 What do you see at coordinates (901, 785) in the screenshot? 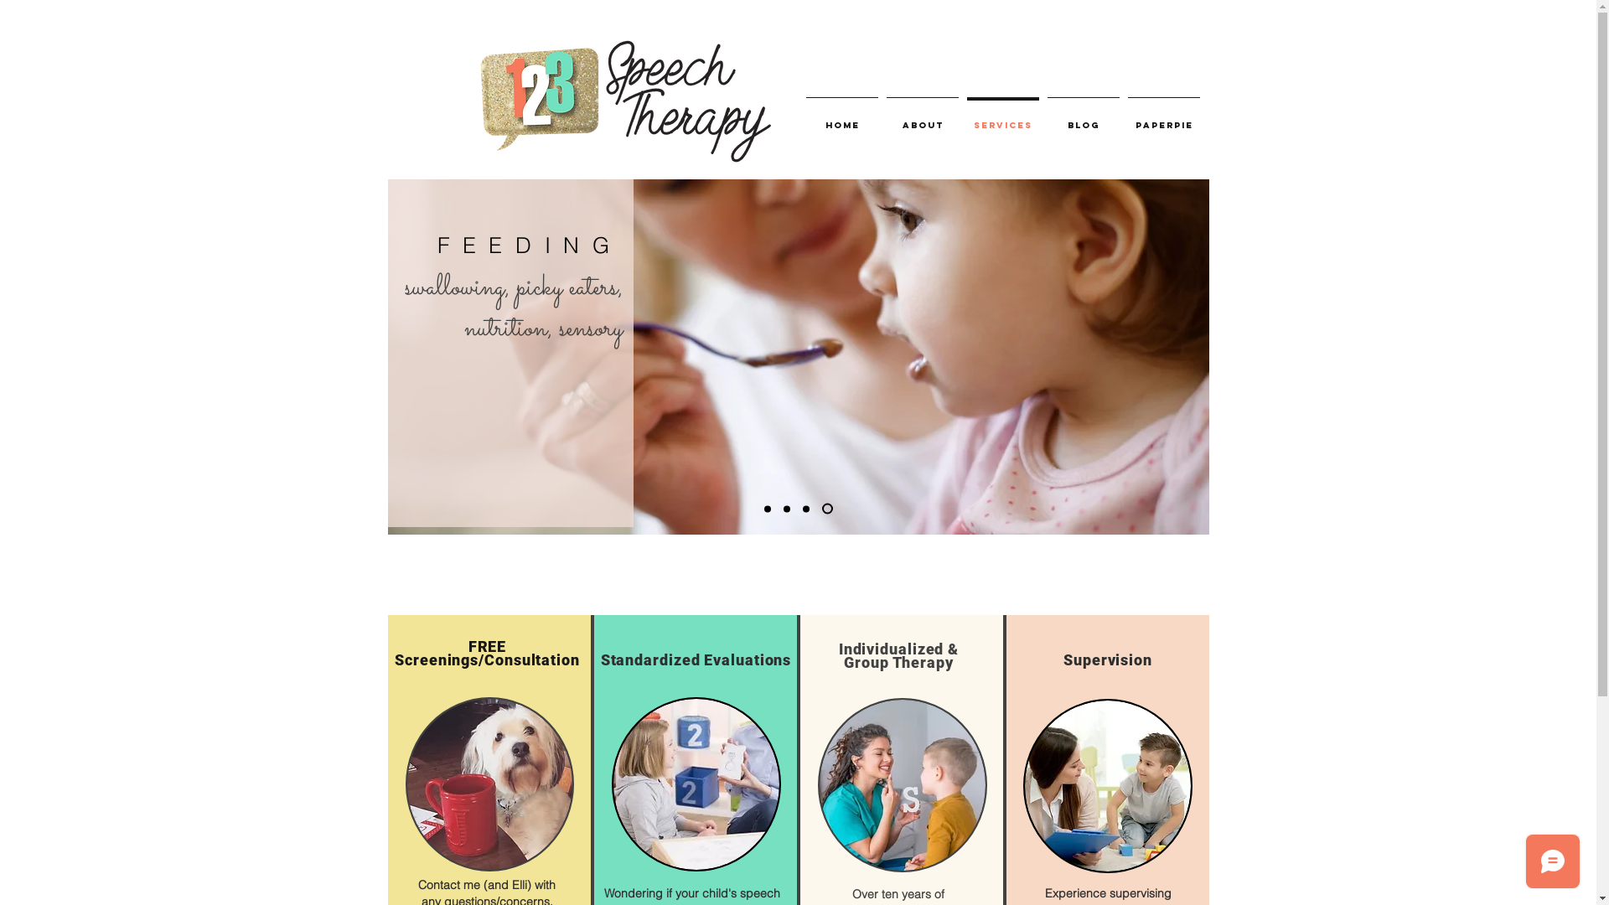
I see `'guy2.jpg'` at bounding box center [901, 785].